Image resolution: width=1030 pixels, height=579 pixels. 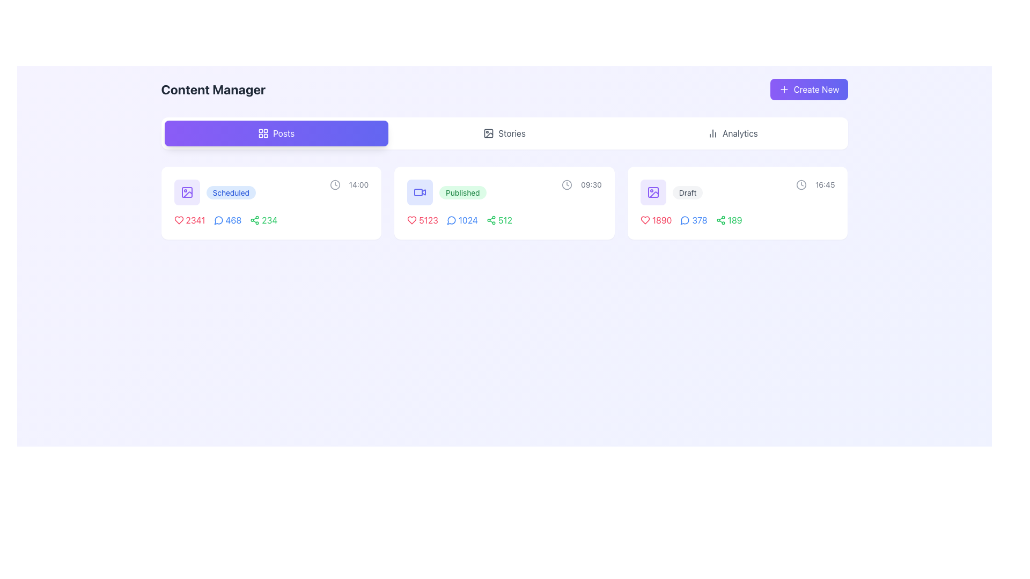 I want to click on the rectangular button labeled 'Posts' with a gradient background from violet to indigo, located directly beneath the 'Content Manager' label, so click(x=276, y=133).